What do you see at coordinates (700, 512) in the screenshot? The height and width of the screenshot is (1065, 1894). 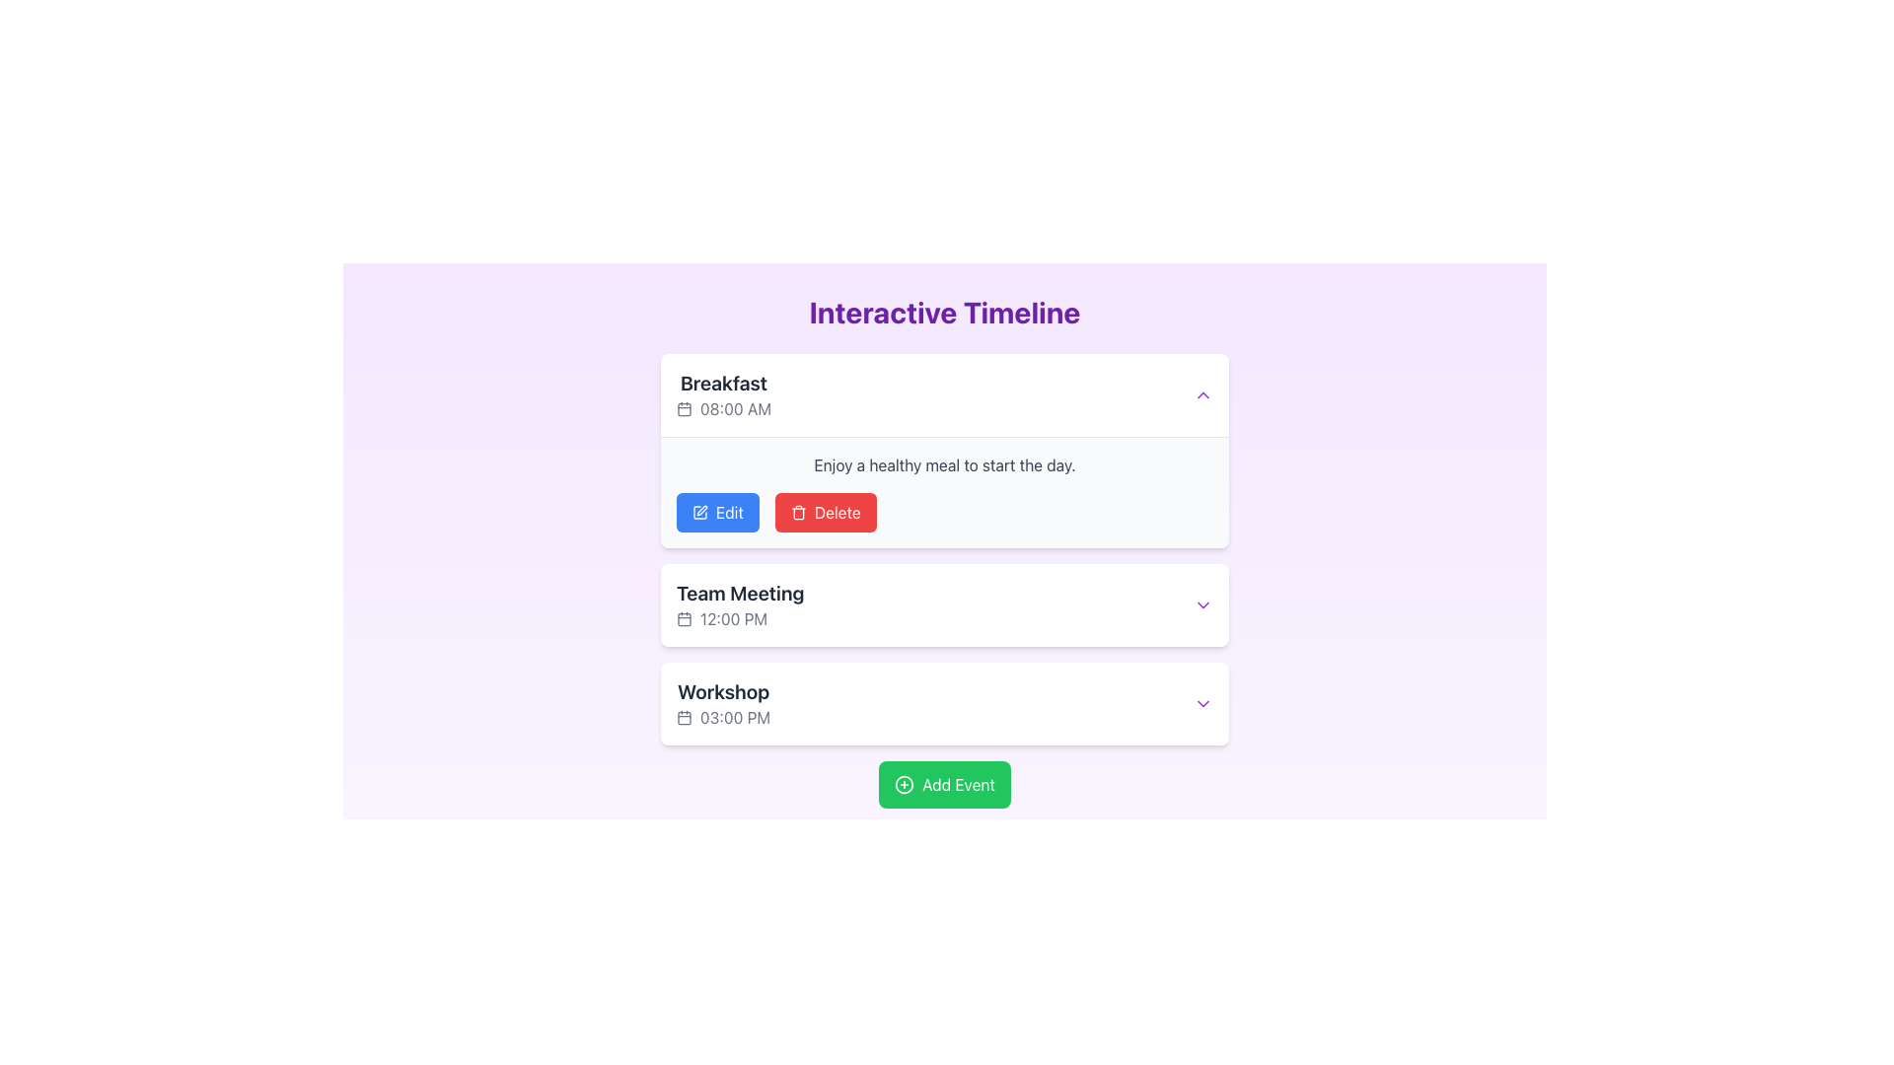 I see `the pen icon located on the left side of the 'Edit' button within the 'Breakfast' section to initiate the edit functionality` at bounding box center [700, 512].